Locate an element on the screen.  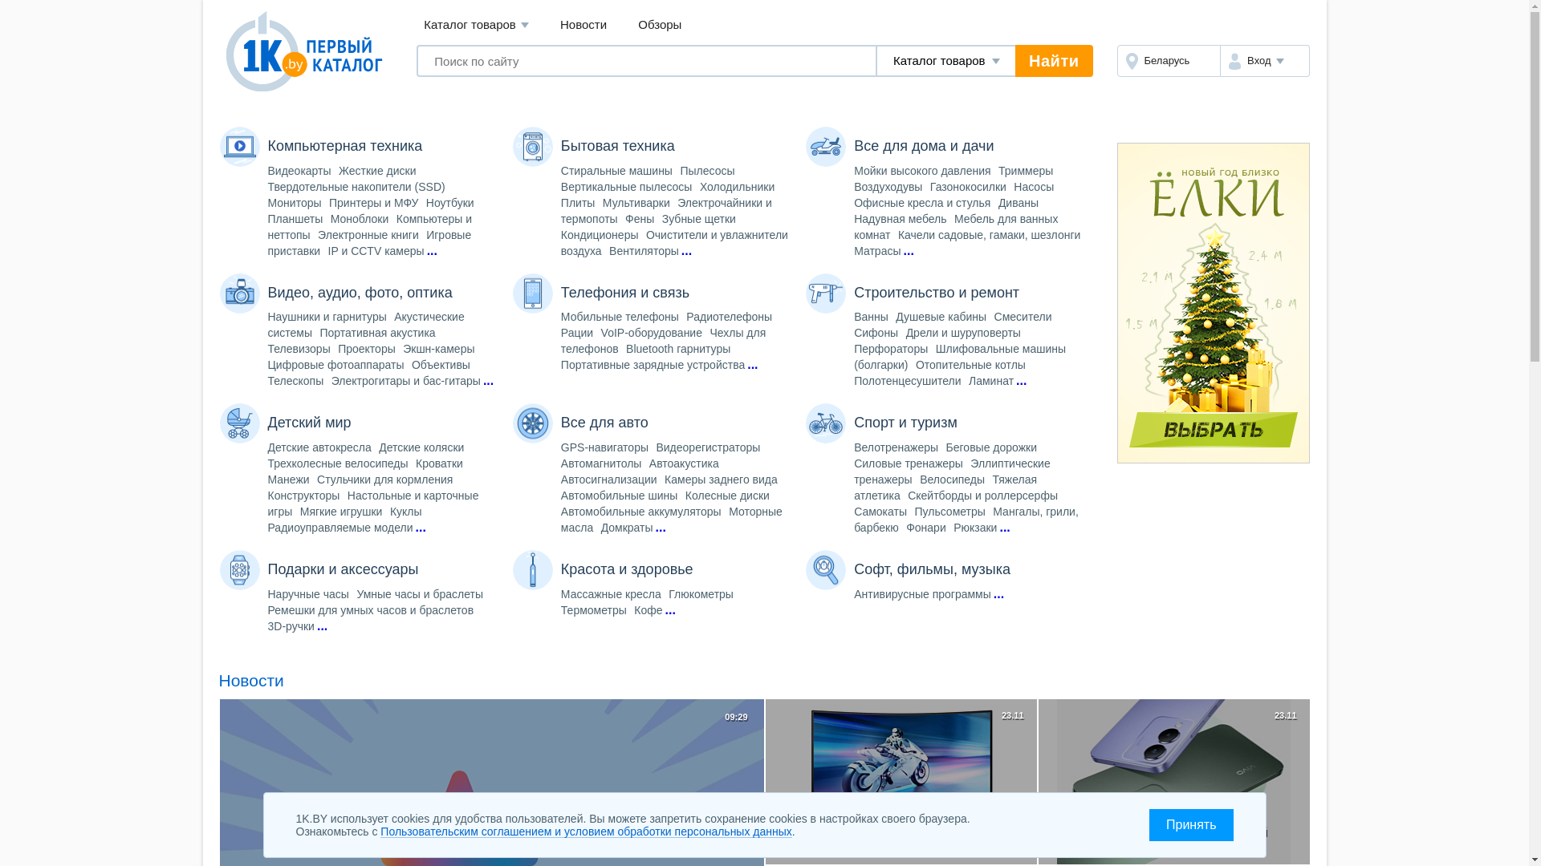
'...' is located at coordinates (661, 528).